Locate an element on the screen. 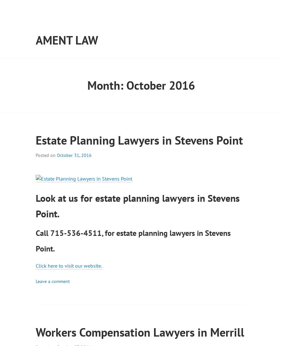 The width and height of the screenshot is (282, 346). 'October 31, 2016' is located at coordinates (74, 155).